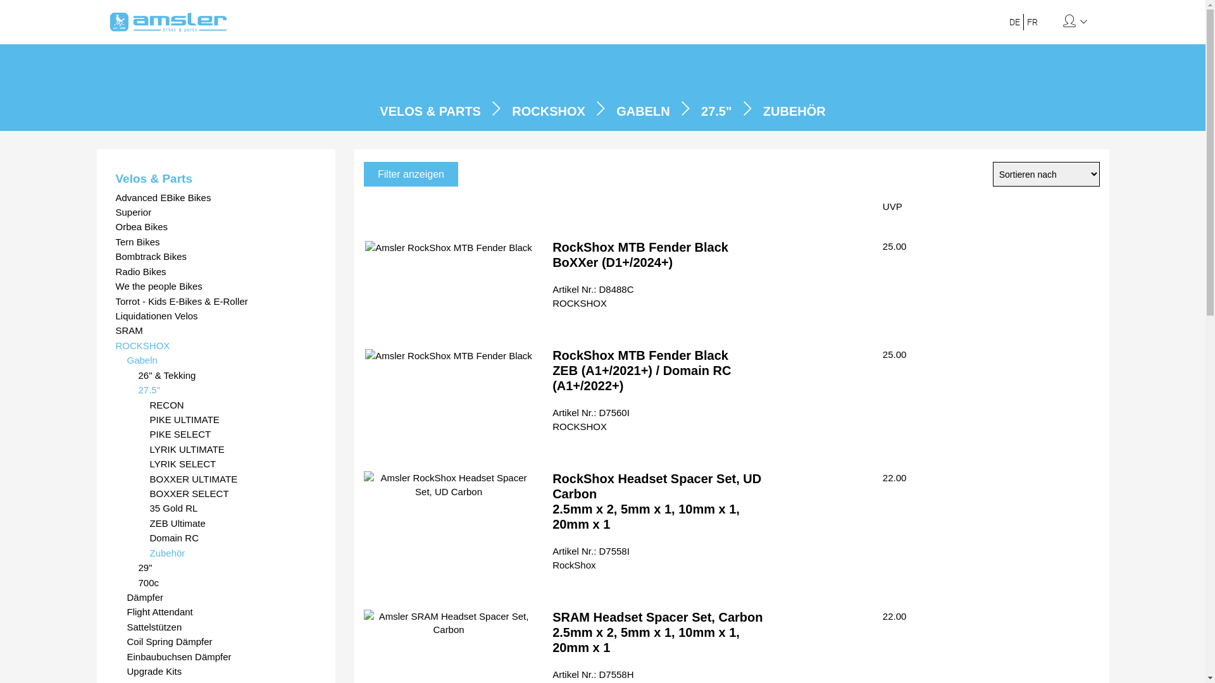  Describe the element at coordinates (411, 174) in the screenshot. I see `'Filter anzeigen'` at that location.